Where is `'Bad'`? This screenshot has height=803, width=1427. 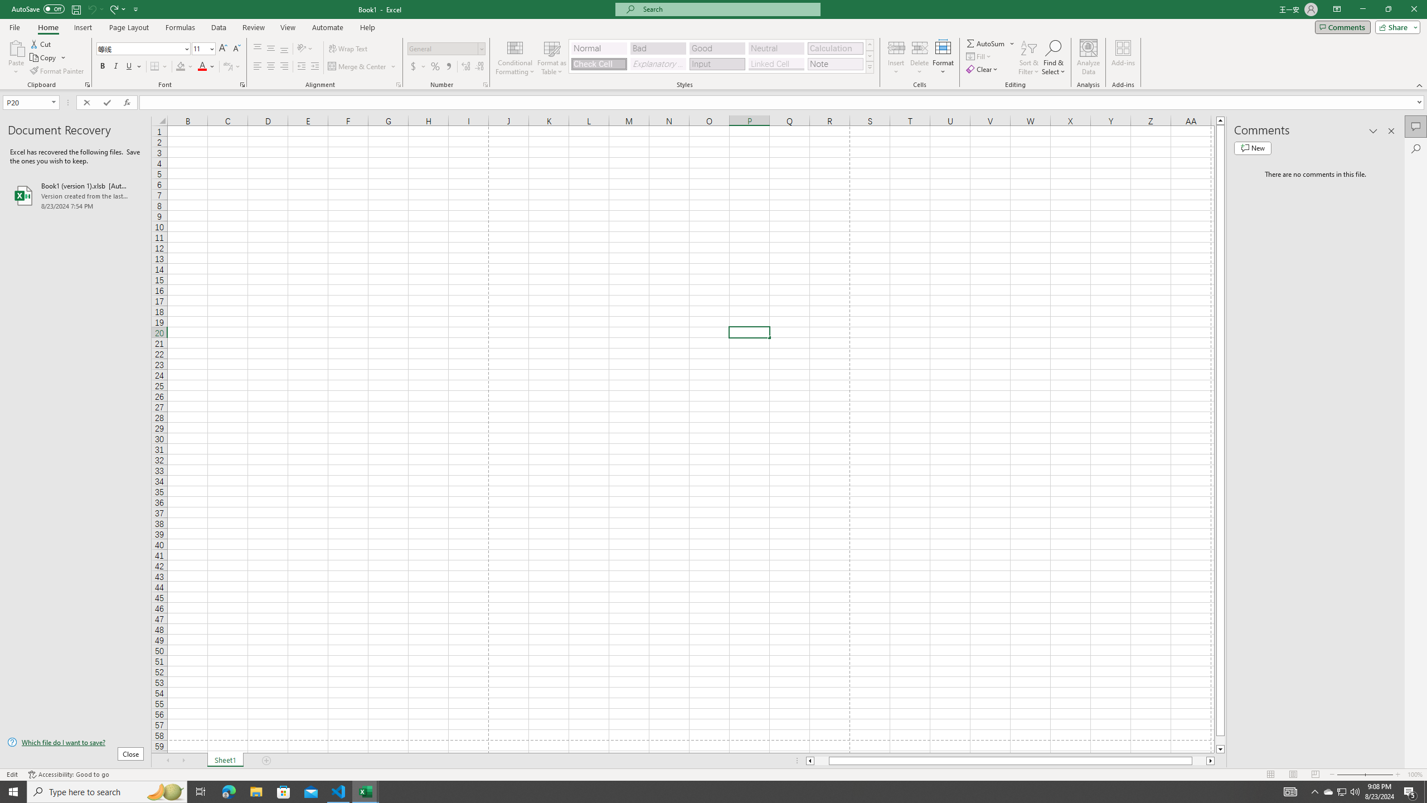 'Bad' is located at coordinates (658, 49).